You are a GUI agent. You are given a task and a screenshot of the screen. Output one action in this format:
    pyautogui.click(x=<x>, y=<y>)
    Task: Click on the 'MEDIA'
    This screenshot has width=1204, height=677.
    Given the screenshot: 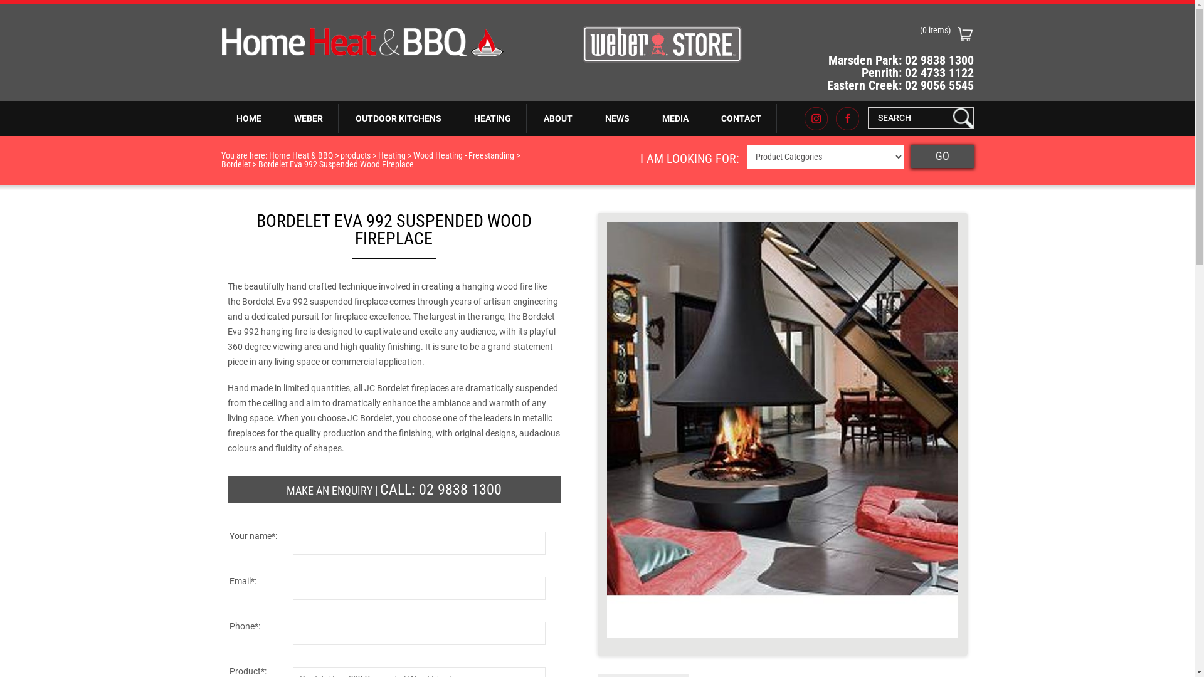 What is the action you would take?
    pyautogui.click(x=675, y=118)
    